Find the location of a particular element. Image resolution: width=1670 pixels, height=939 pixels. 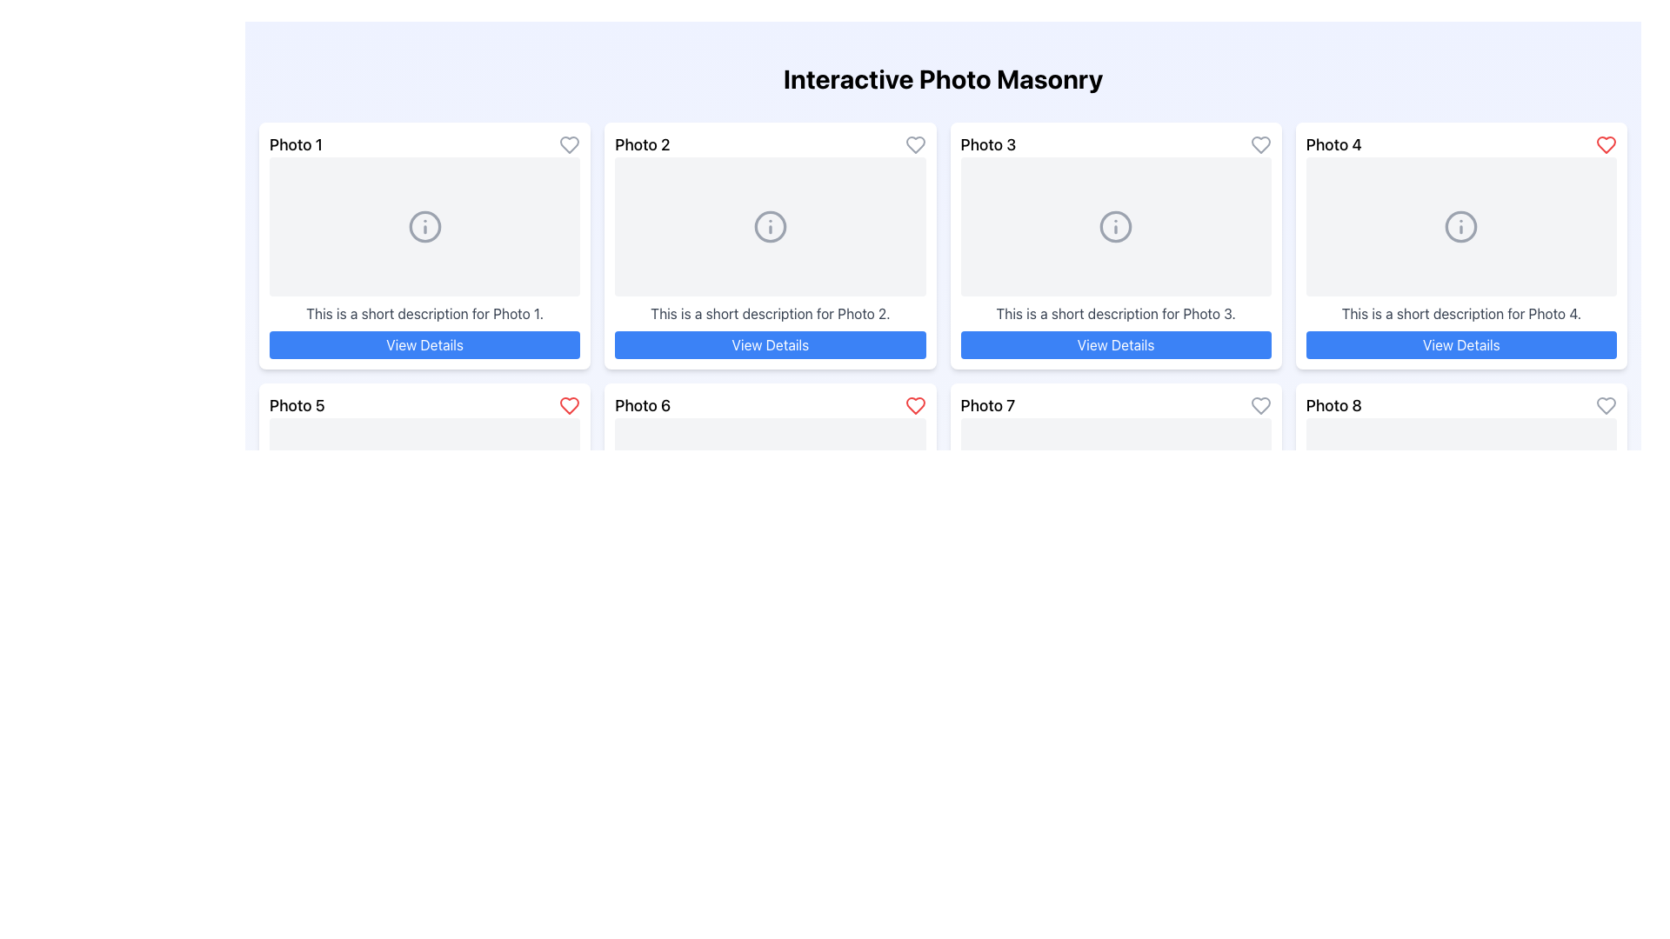

the heart icon located at the top-right corner of the 'Photo 1' card in the interactive photo gallery is located at coordinates (570, 143).